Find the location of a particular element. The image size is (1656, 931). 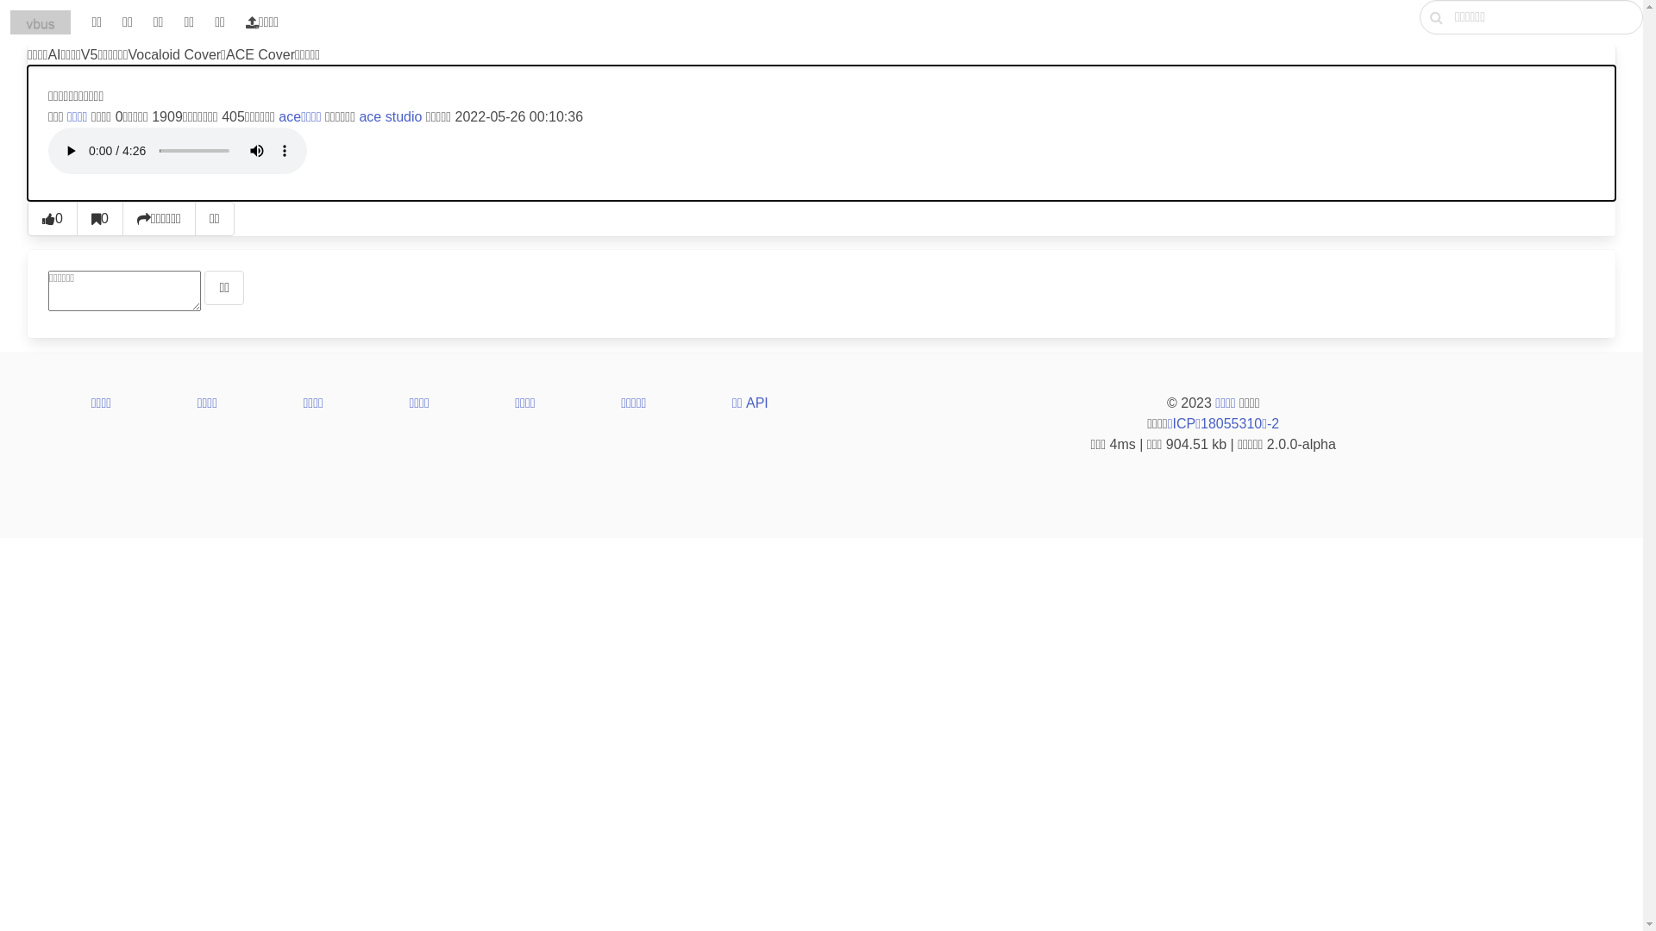

'studio' is located at coordinates (403, 116).